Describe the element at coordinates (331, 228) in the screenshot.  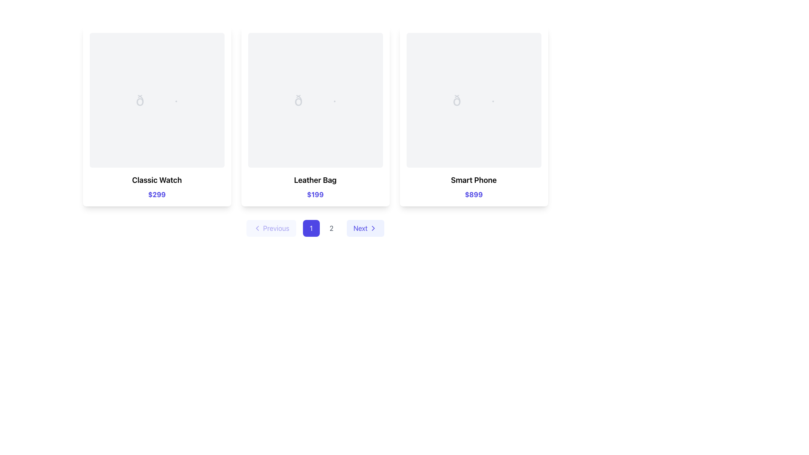
I see `the circular button with a gray number '2'` at that location.